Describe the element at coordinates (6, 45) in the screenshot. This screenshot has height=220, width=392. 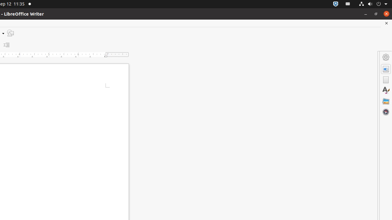
I see `'Decrease'` at that location.